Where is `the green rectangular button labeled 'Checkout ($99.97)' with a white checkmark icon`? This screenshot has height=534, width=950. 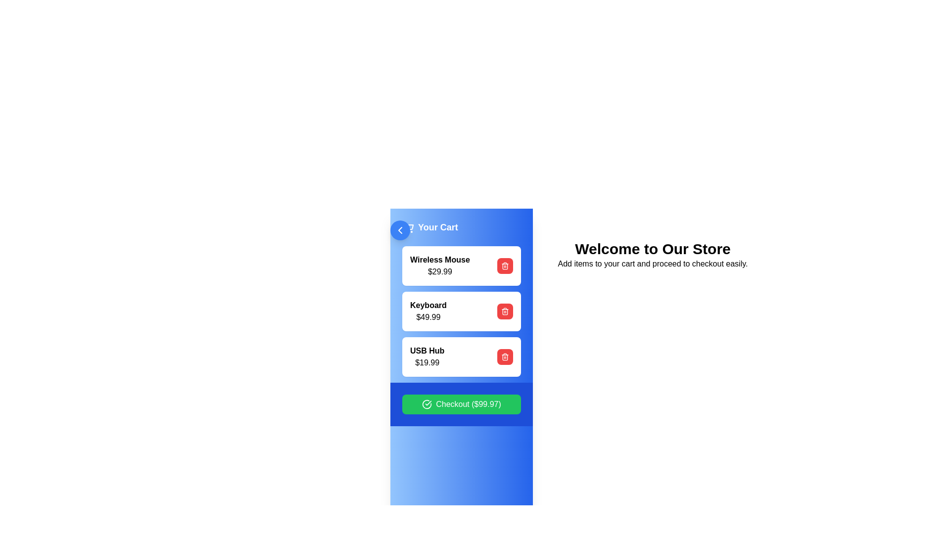
the green rectangular button labeled 'Checkout ($99.97)' with a white checkmark icon is located at coordinates (461, 404).